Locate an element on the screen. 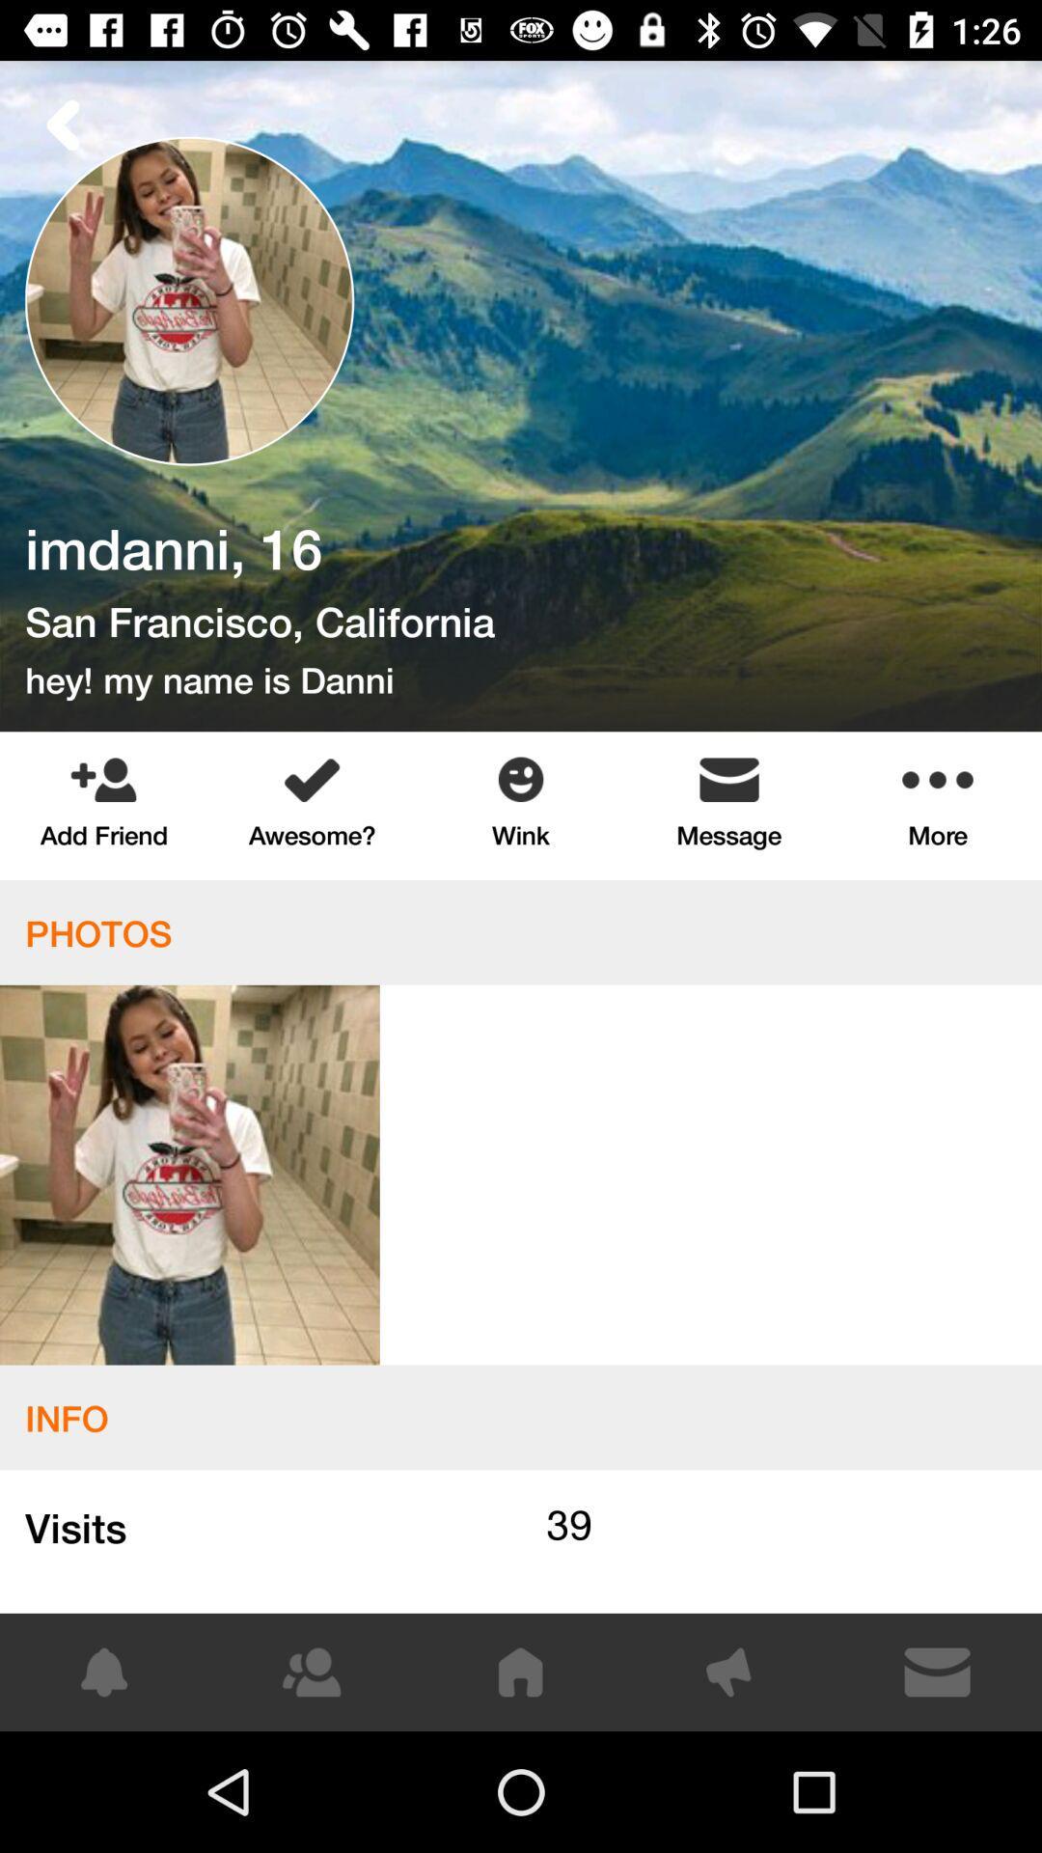 The image size is (1042, 1853). the arrow_backward icon is located at coordinates (63, 124).